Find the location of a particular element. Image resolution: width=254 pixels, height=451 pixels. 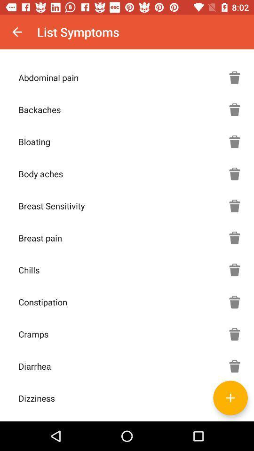

remove symptom is located at coordinates (234, 141).